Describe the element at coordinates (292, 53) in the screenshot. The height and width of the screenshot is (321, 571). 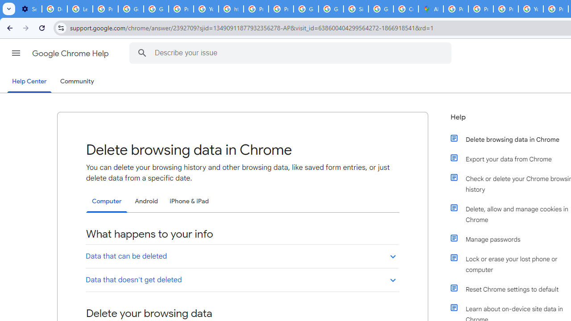
I see `'Describe your issue'` at that location.